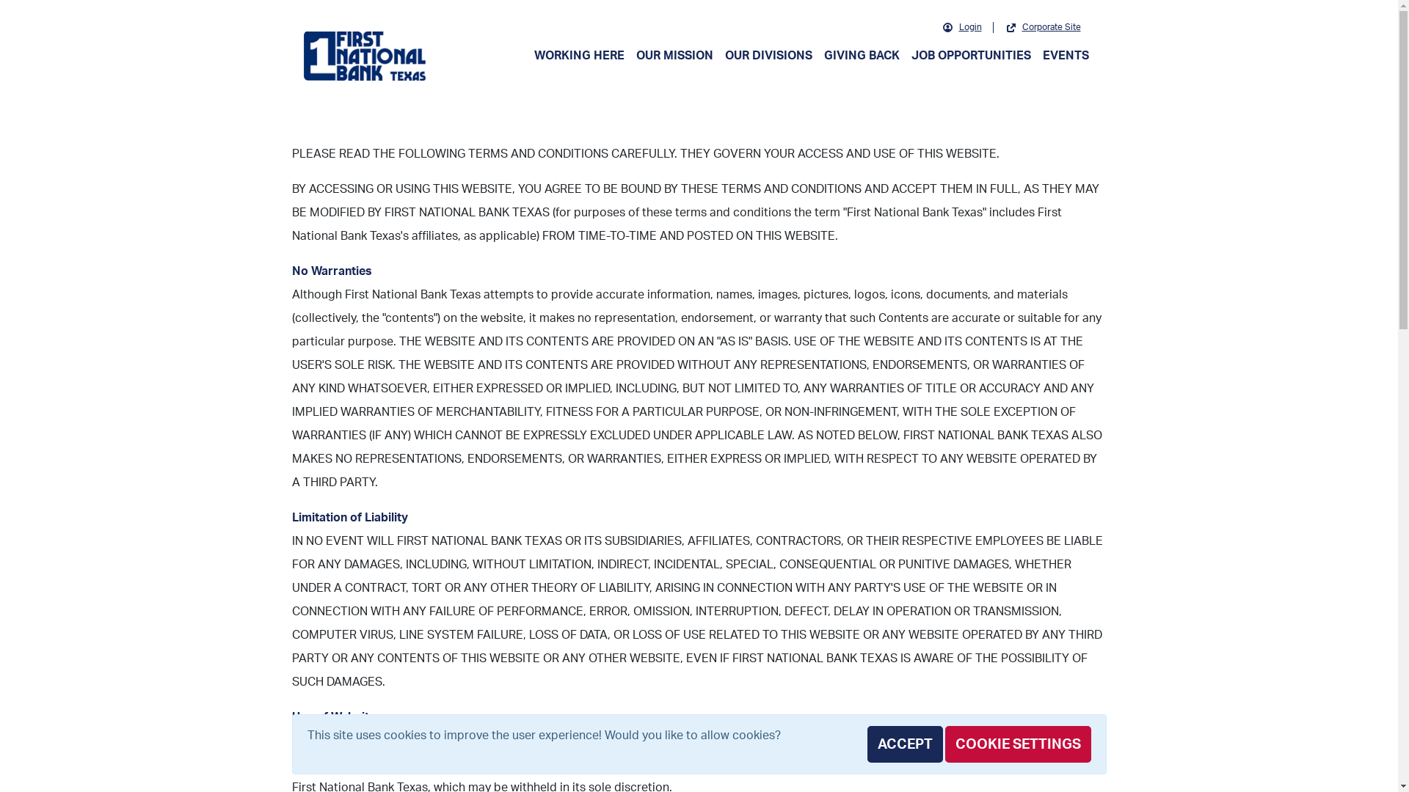 The height and width of the screenshot is (792, 1409). Describe the element at coordinates (768, 55) in the screenshot. I see `'OUR DIVISIONS'` at that location.